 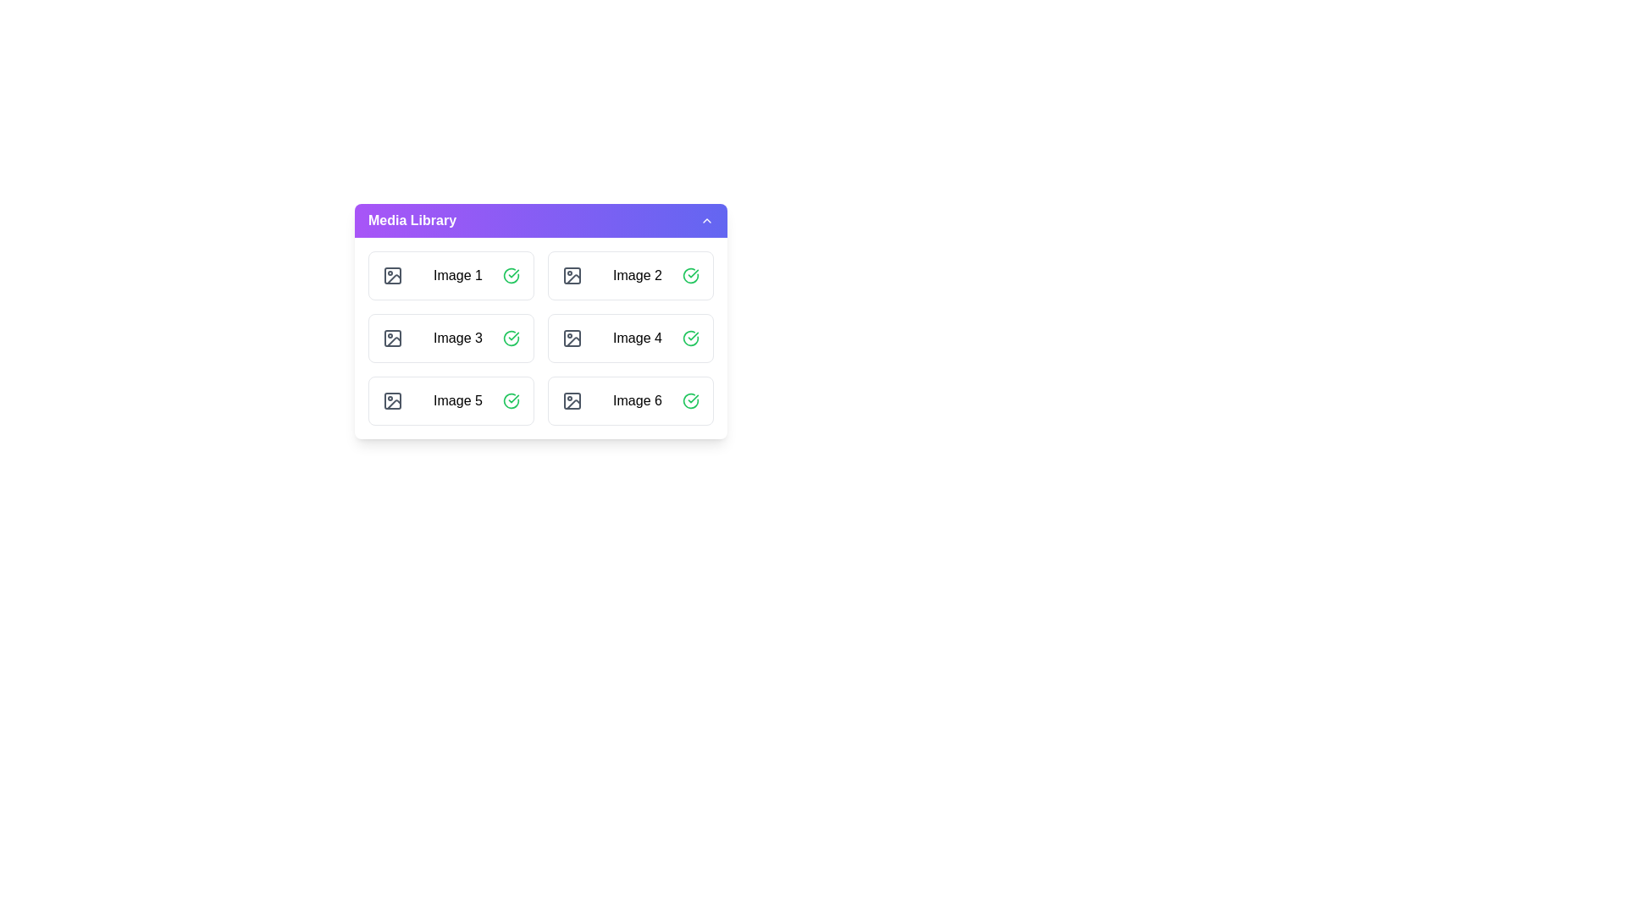 I want to click on the image item labeled Image 6, so click(x=629, y=401).